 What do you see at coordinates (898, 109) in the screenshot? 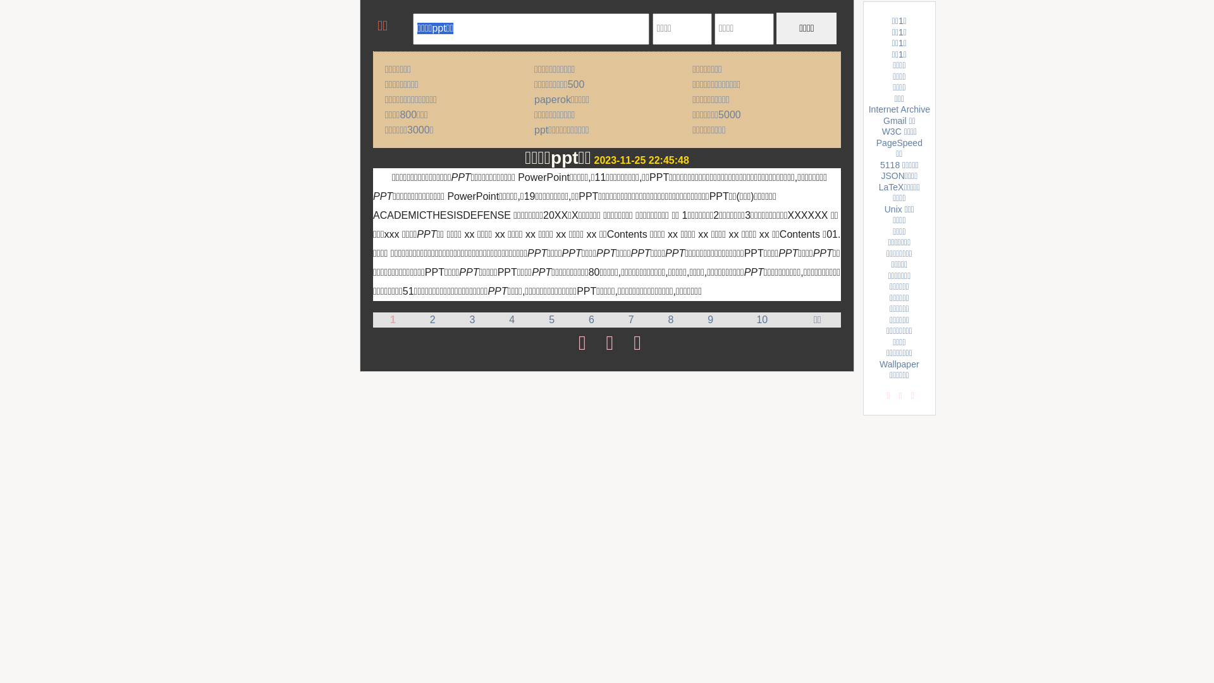
I see `'Internet Archive'` at bounding box center [898, 109].